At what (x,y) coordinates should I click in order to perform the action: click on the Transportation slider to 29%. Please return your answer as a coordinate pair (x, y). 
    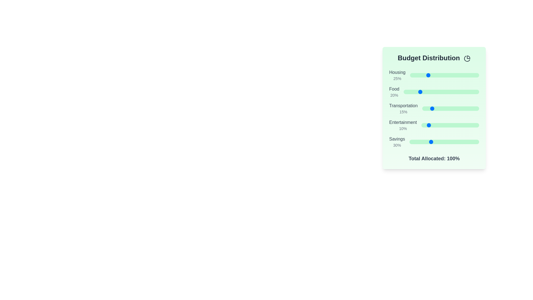
    Looking at the image, I should click on (438, 108).